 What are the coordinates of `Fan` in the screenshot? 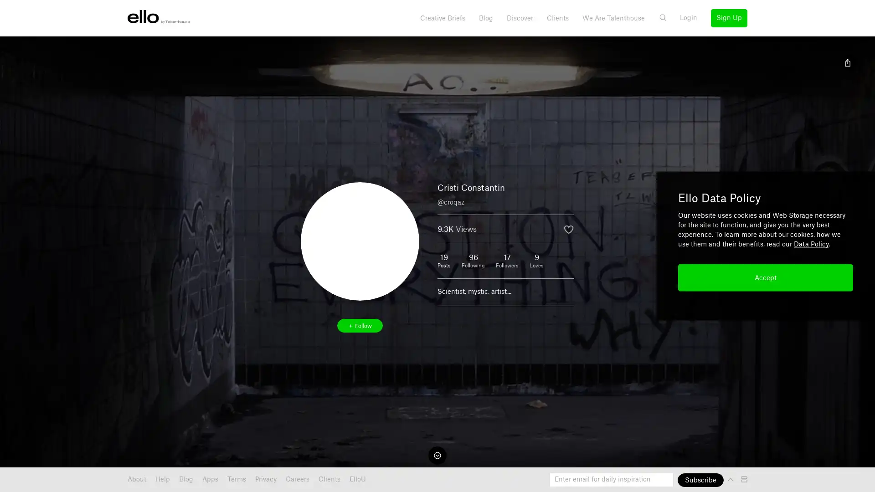 It's located at (568, 229).